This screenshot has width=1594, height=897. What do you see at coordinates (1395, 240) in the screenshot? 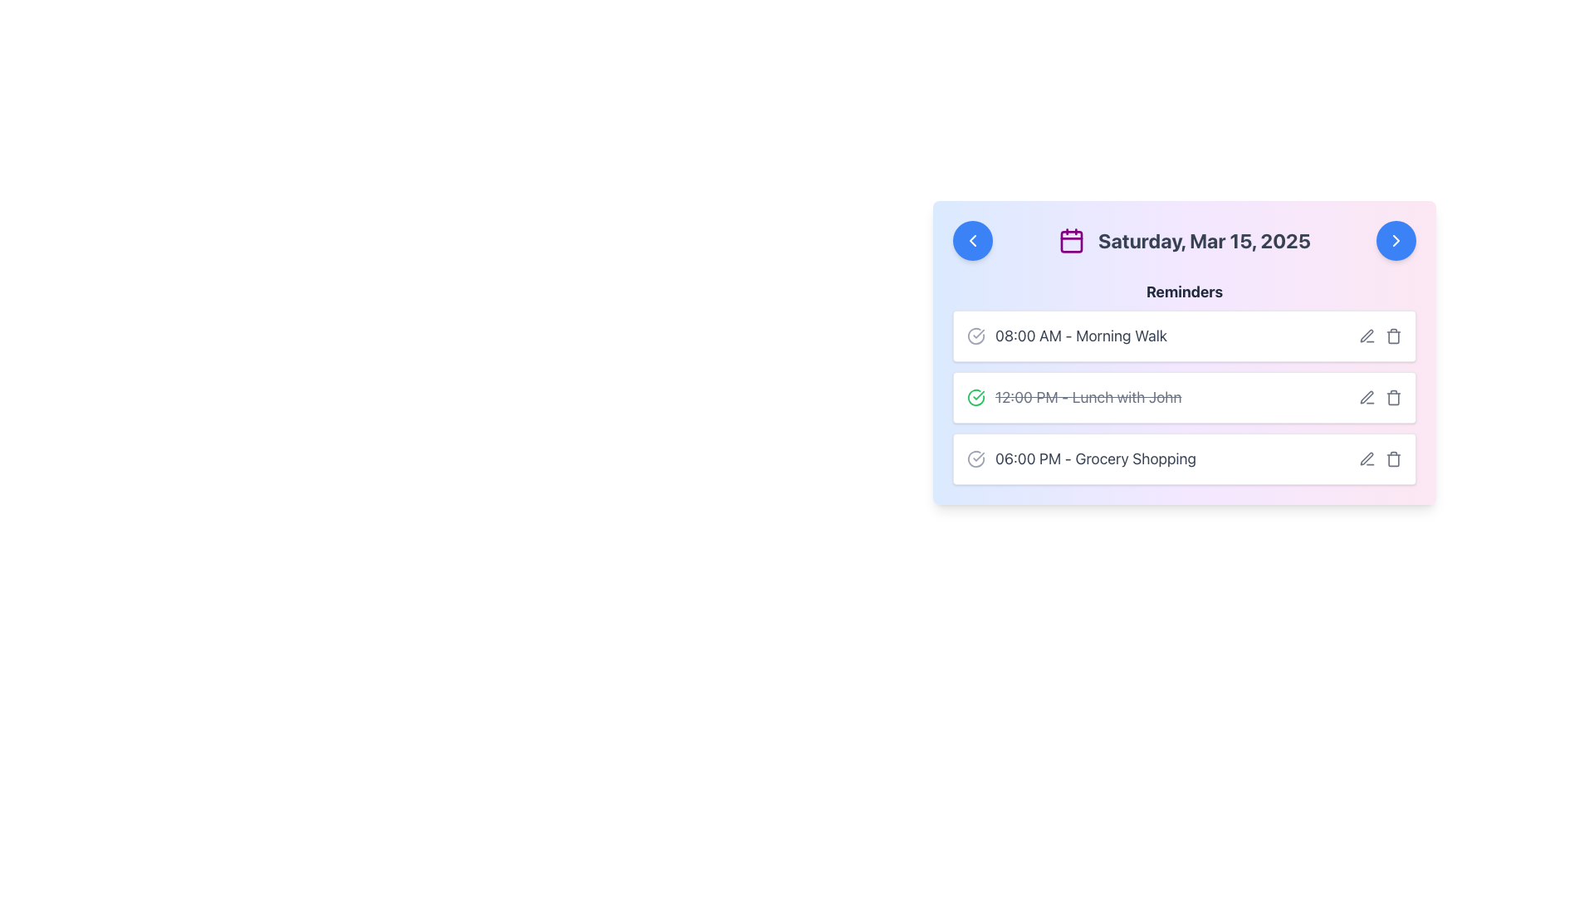
I see `the right-pointing chevron icon, which is located at the top-right corner of the calendar interface within a blue circular button` at bounding box center [1395, 240].